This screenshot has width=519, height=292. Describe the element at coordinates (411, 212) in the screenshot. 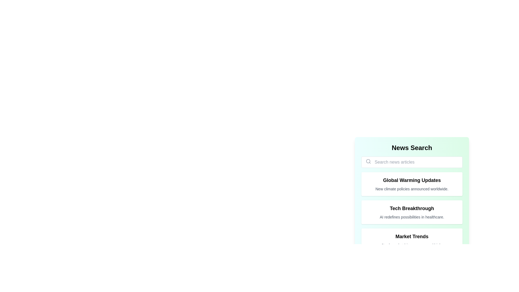

I see `the second interactive card summarizing the news item 'Tech Breakthrough'` at that location.